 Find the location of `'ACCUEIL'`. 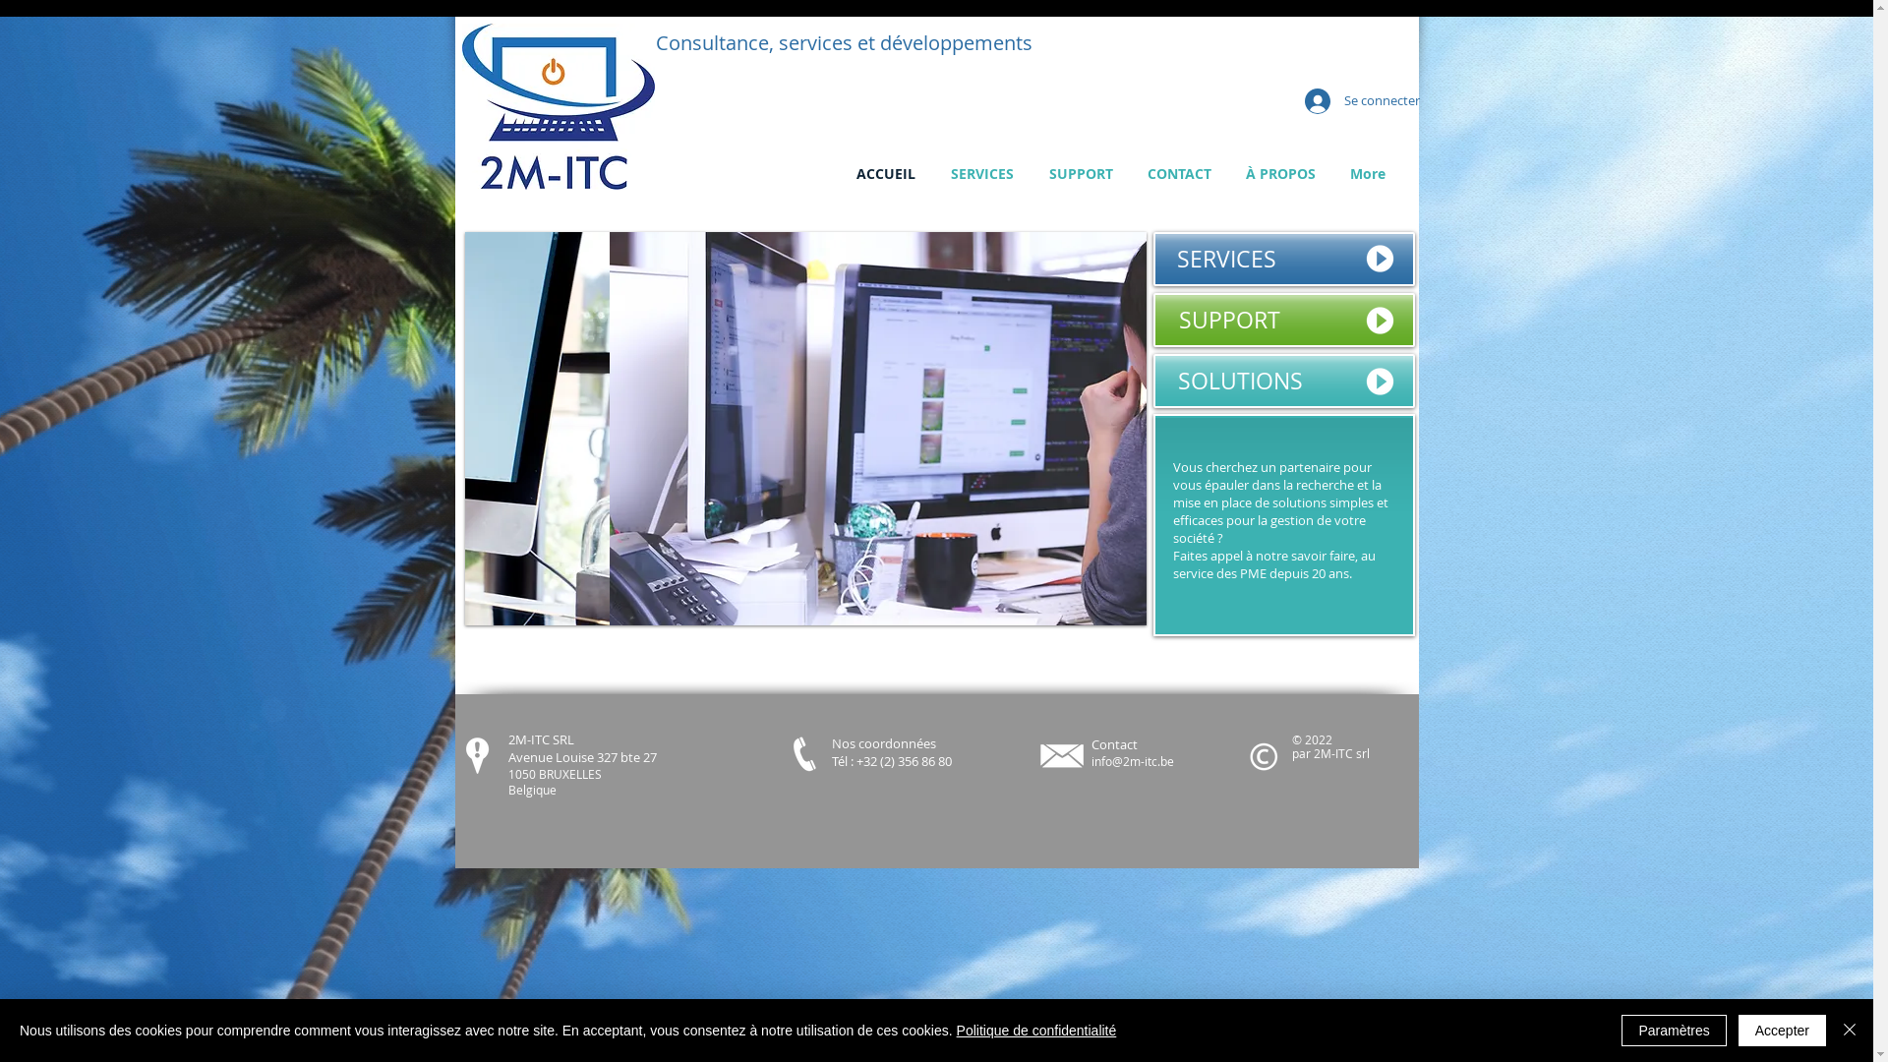

'ACCUEIL' is located at coordinates (884, 172).